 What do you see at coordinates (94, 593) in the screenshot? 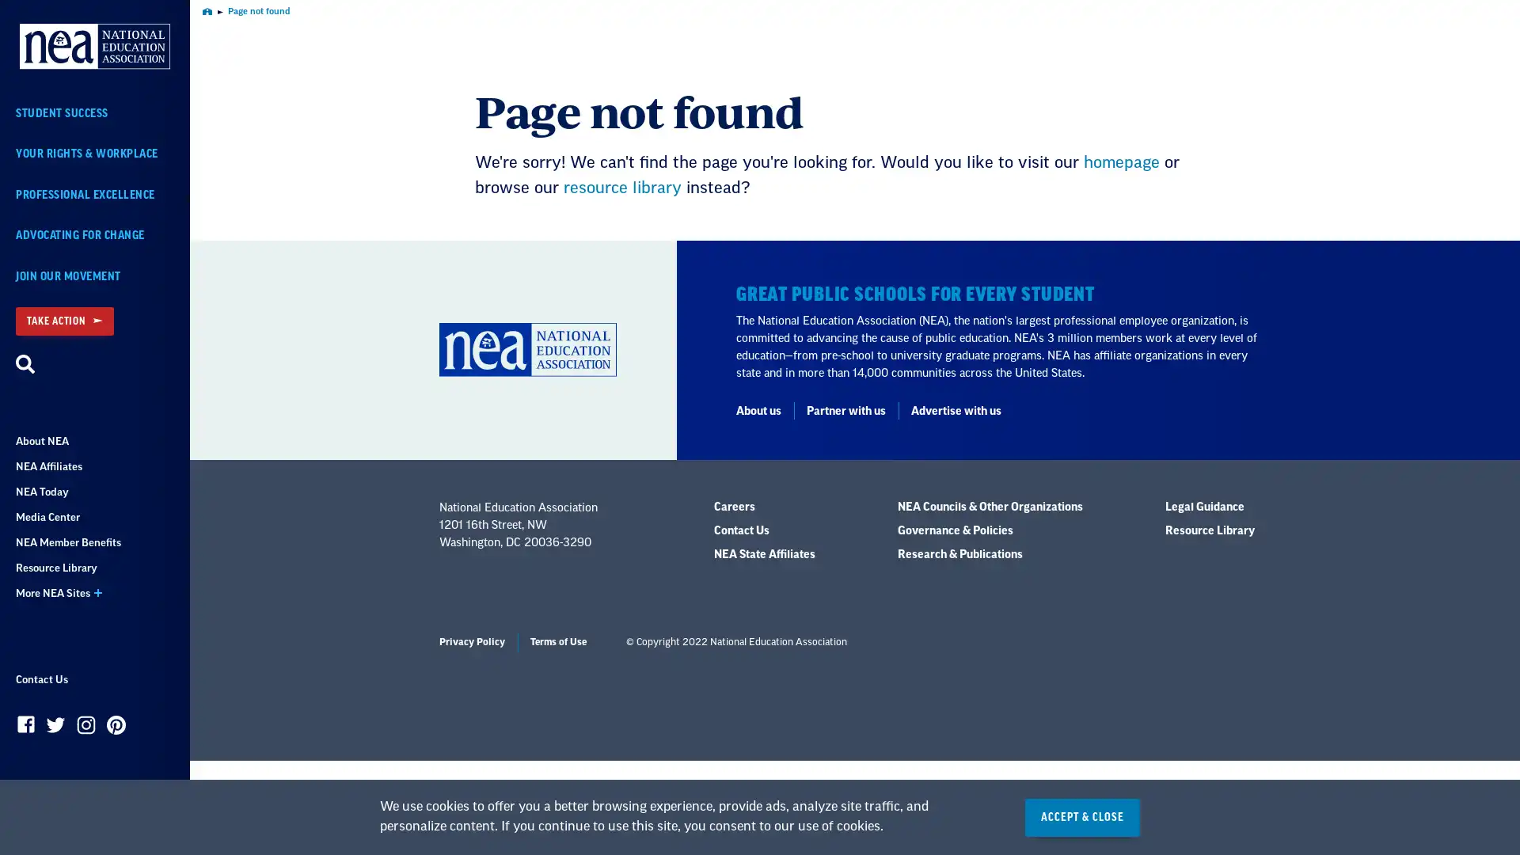
I see `More NEA Sites` at bounding box center [94, 593].